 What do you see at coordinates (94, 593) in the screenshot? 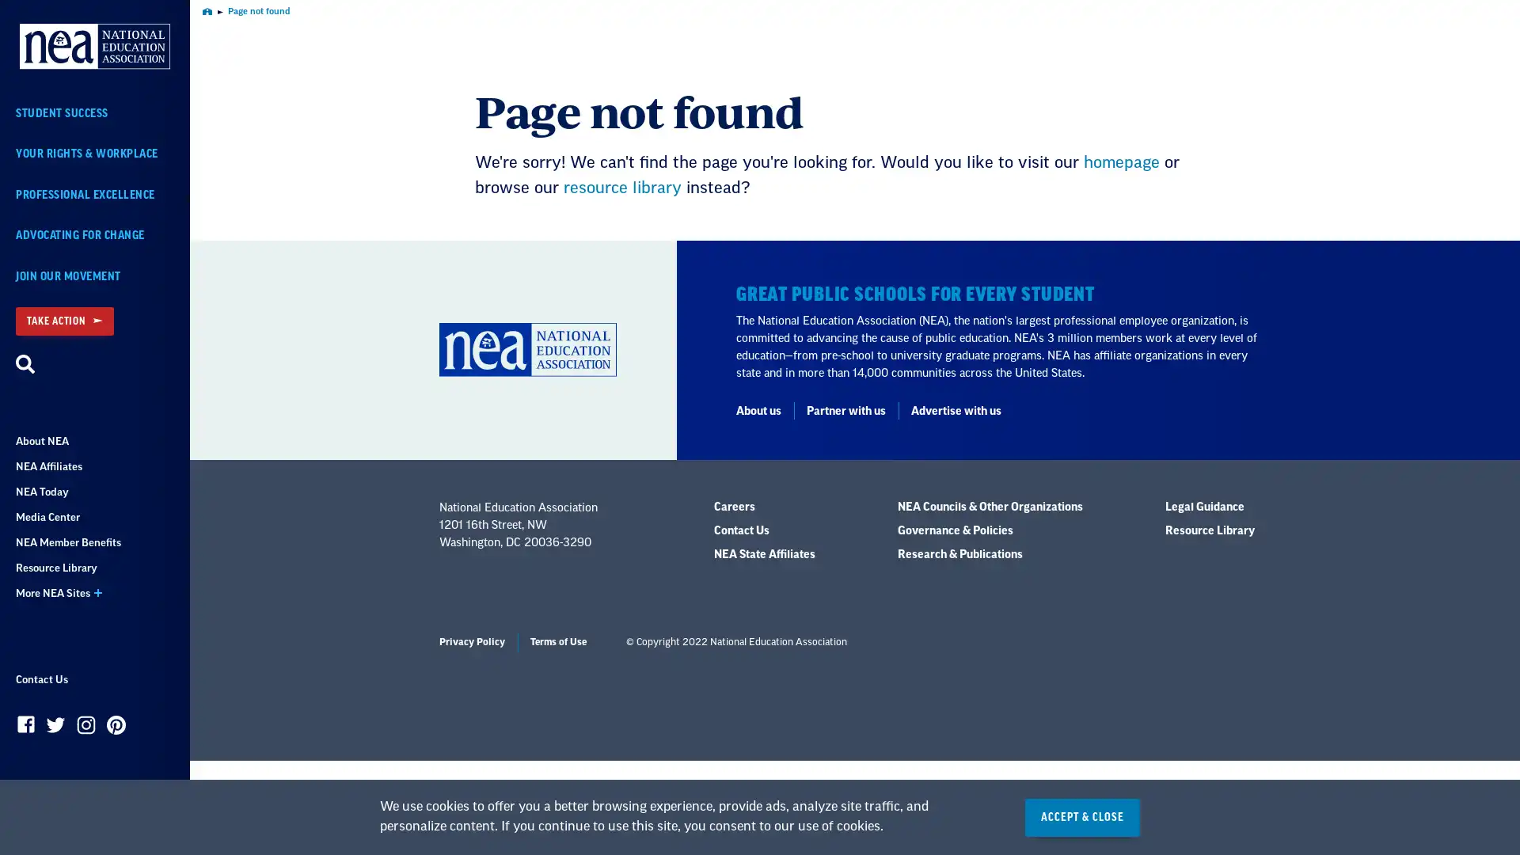
I see `More NEA Sites` at bounding box center [94, 593].